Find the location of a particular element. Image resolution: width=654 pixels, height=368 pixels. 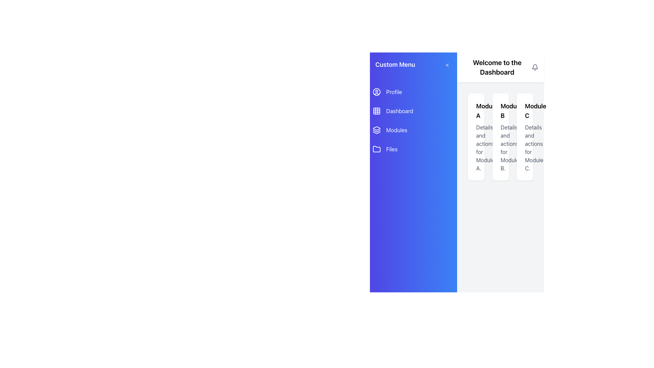

the text label stating 'Welcome to the Dashboard' located at the top-right section of the layout is located at coordinates (497, 67).